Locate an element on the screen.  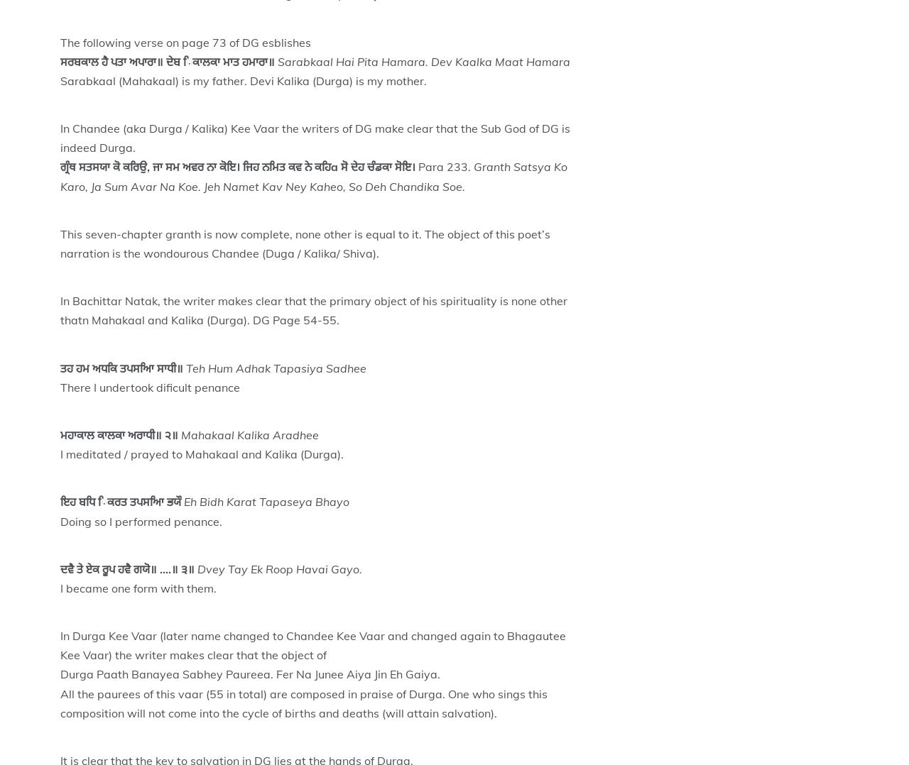
'Para 233.' is located at coordinates (444, 166).